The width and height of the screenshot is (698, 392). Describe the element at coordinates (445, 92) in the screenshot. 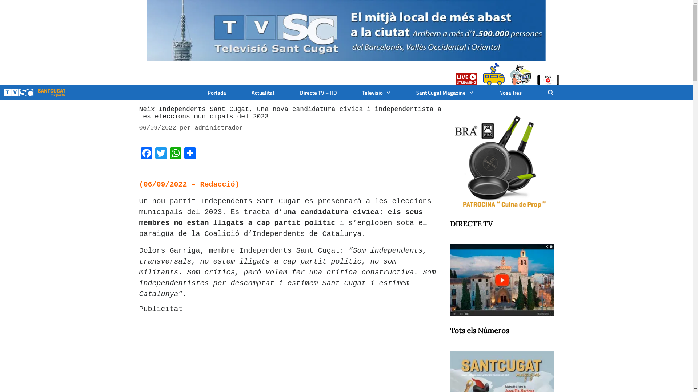

I see `'Sant Cugat Magazine'` at that location.